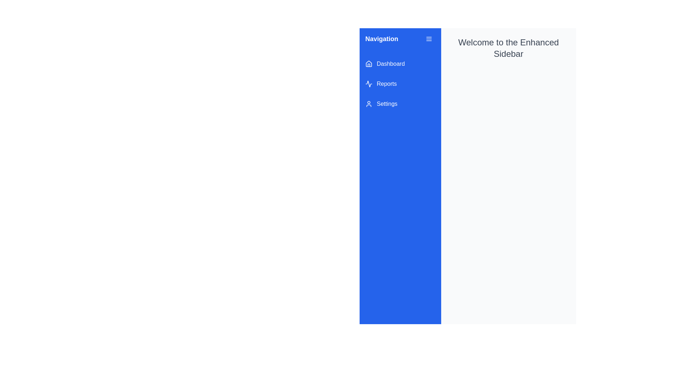  I want to click on the activity icon representing the 'Reports' menu item, which is located to the left of the label 'Reports' in the blue sidebar menu, so click(369, 84).